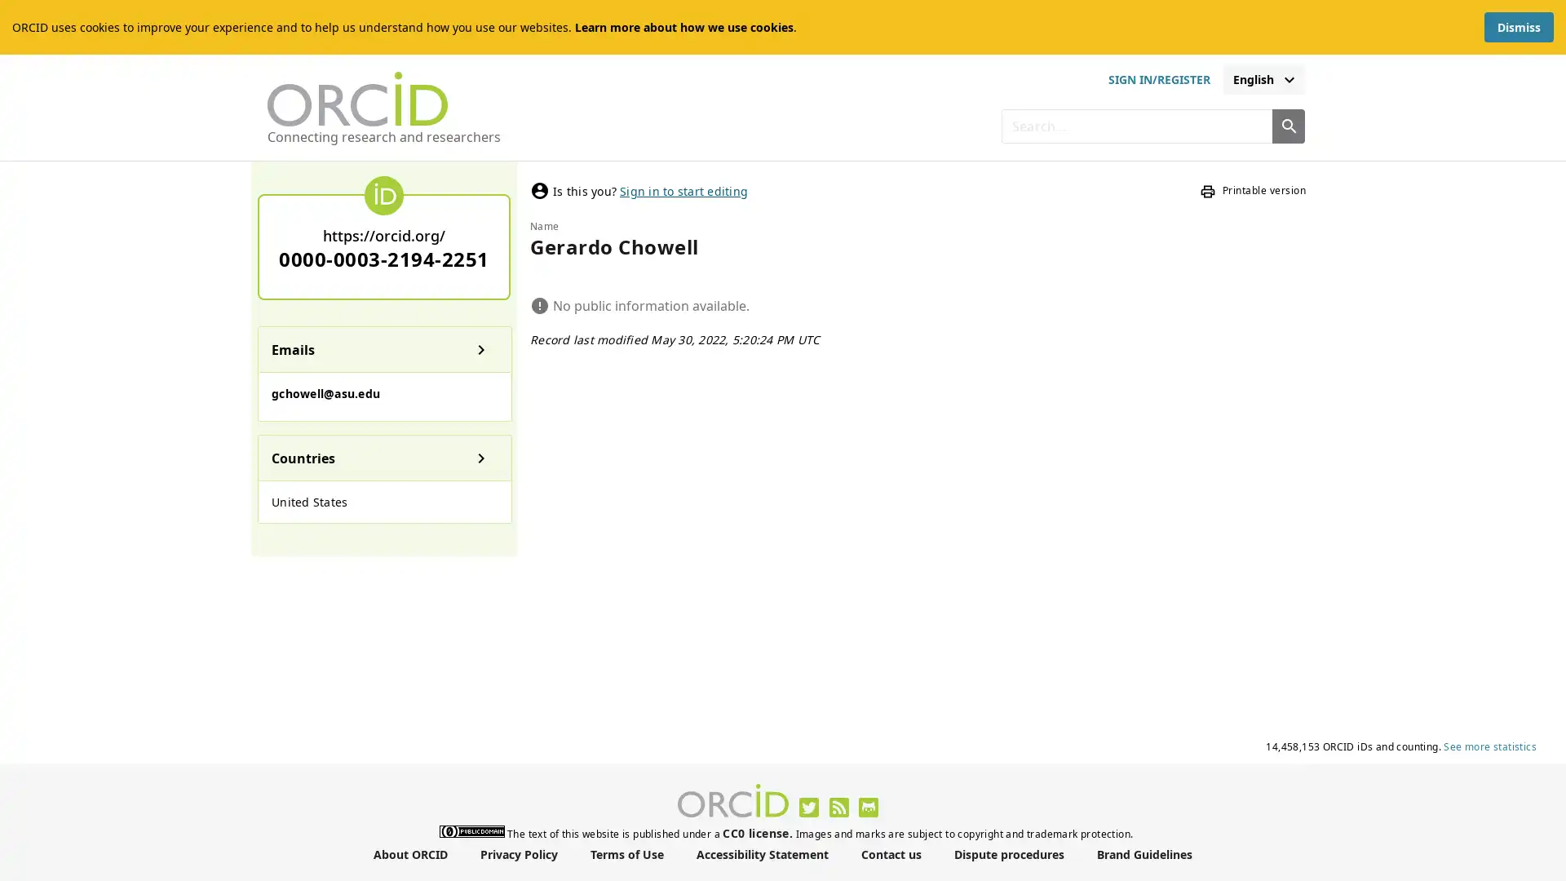 This screenshot has width=1566, height=881. Describe the element at coordinates (480, 457) in the screenshot. I see `Show details` at that location.